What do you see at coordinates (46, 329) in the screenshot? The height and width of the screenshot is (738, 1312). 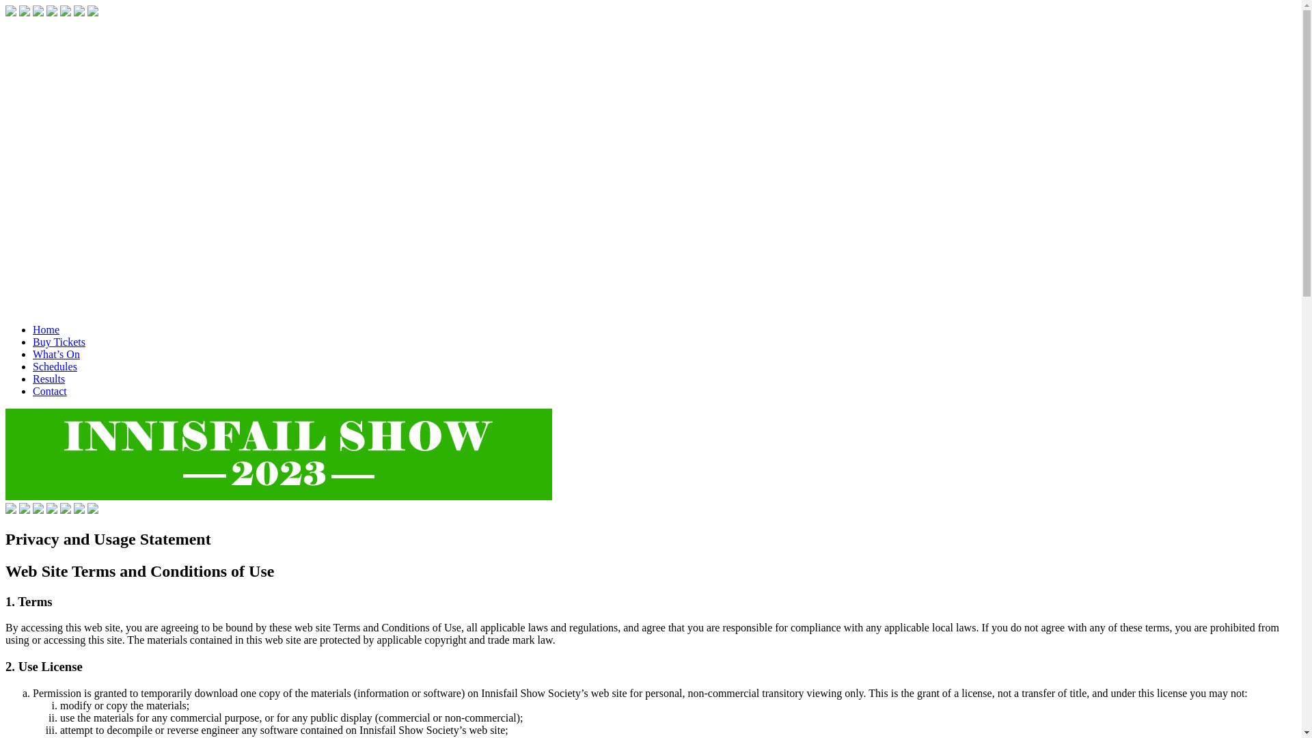 I see `'Home'` at bounding box center [46, 329].